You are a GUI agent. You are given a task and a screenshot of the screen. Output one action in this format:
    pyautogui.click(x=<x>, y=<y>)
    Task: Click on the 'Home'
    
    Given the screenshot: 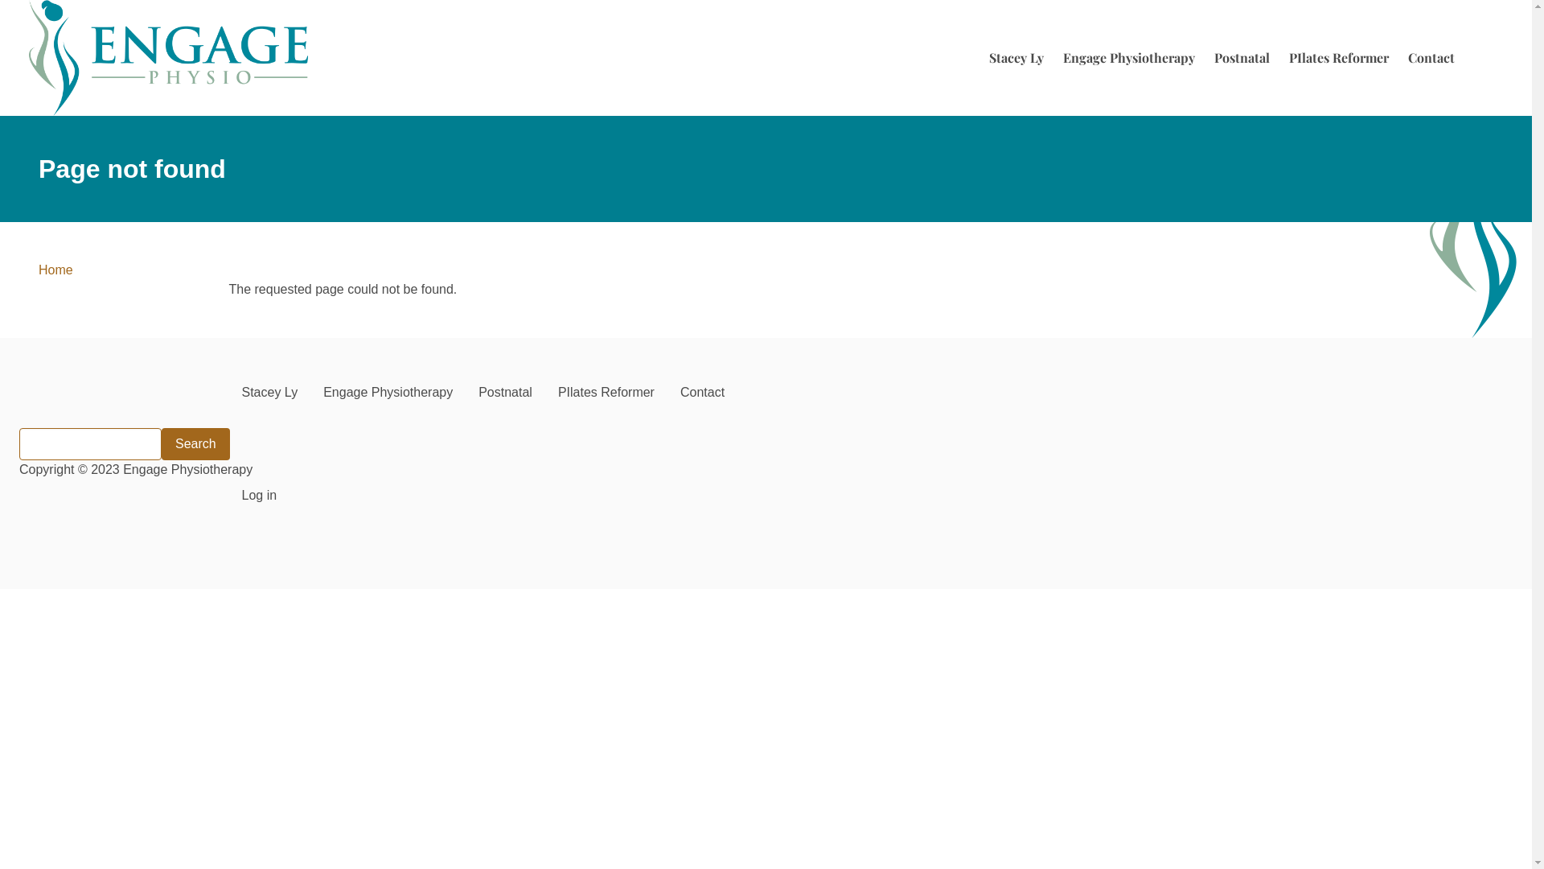 What is the action you would take?
    pyautogui.click(x=39, y=269)
    